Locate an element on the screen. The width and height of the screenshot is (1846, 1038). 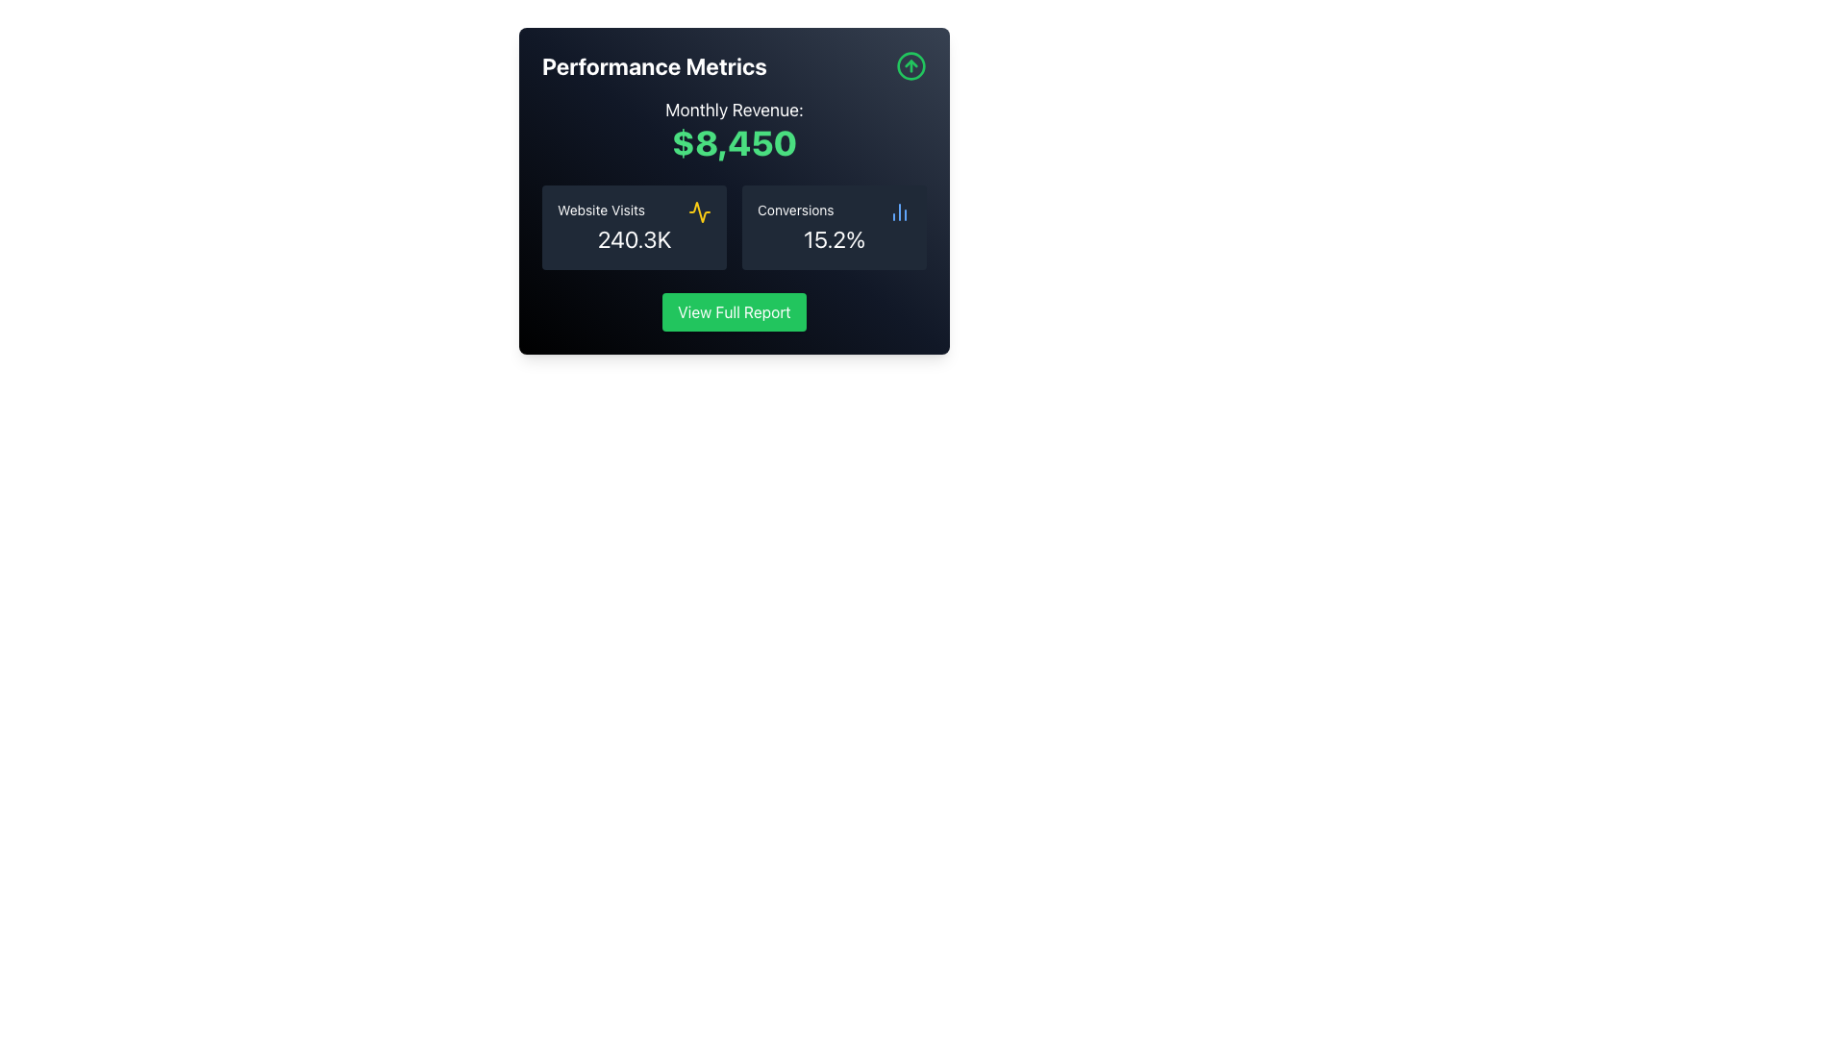
the yellow zigzag line icon representing a waveform located in the 'Website Visits' section of the performance metrics dashboard card, adjacent to the text '240.3K' is located at coordinates (699, 211).